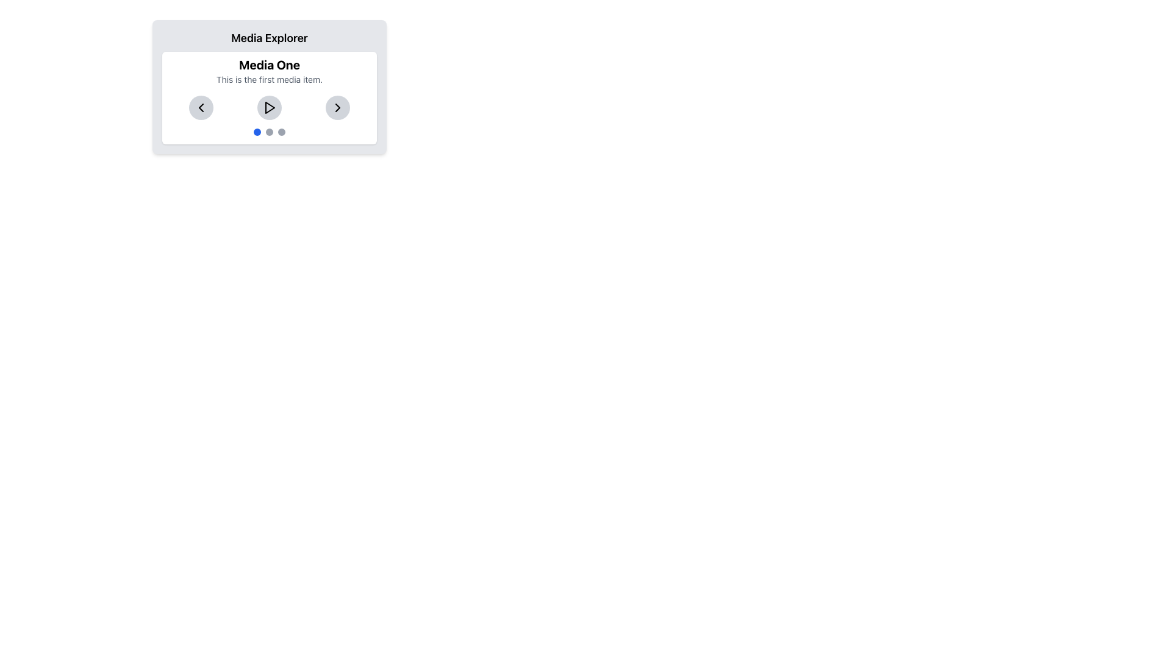 Image resolution: width=1171 pixels, height=658 pixels. What do you see at coordinates (268, 107) in the screenshot?
I see `the SVG play button icon located in the center of the 'Media One' section` at bounding box center [268, 107].